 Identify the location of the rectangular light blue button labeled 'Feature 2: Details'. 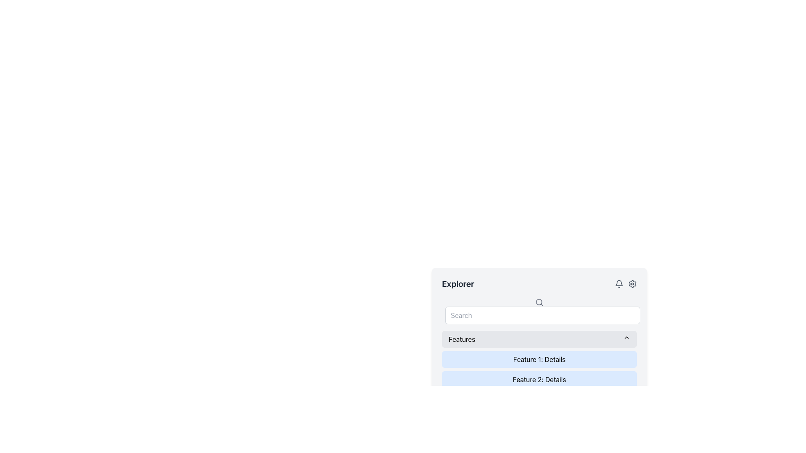
(539, 380).